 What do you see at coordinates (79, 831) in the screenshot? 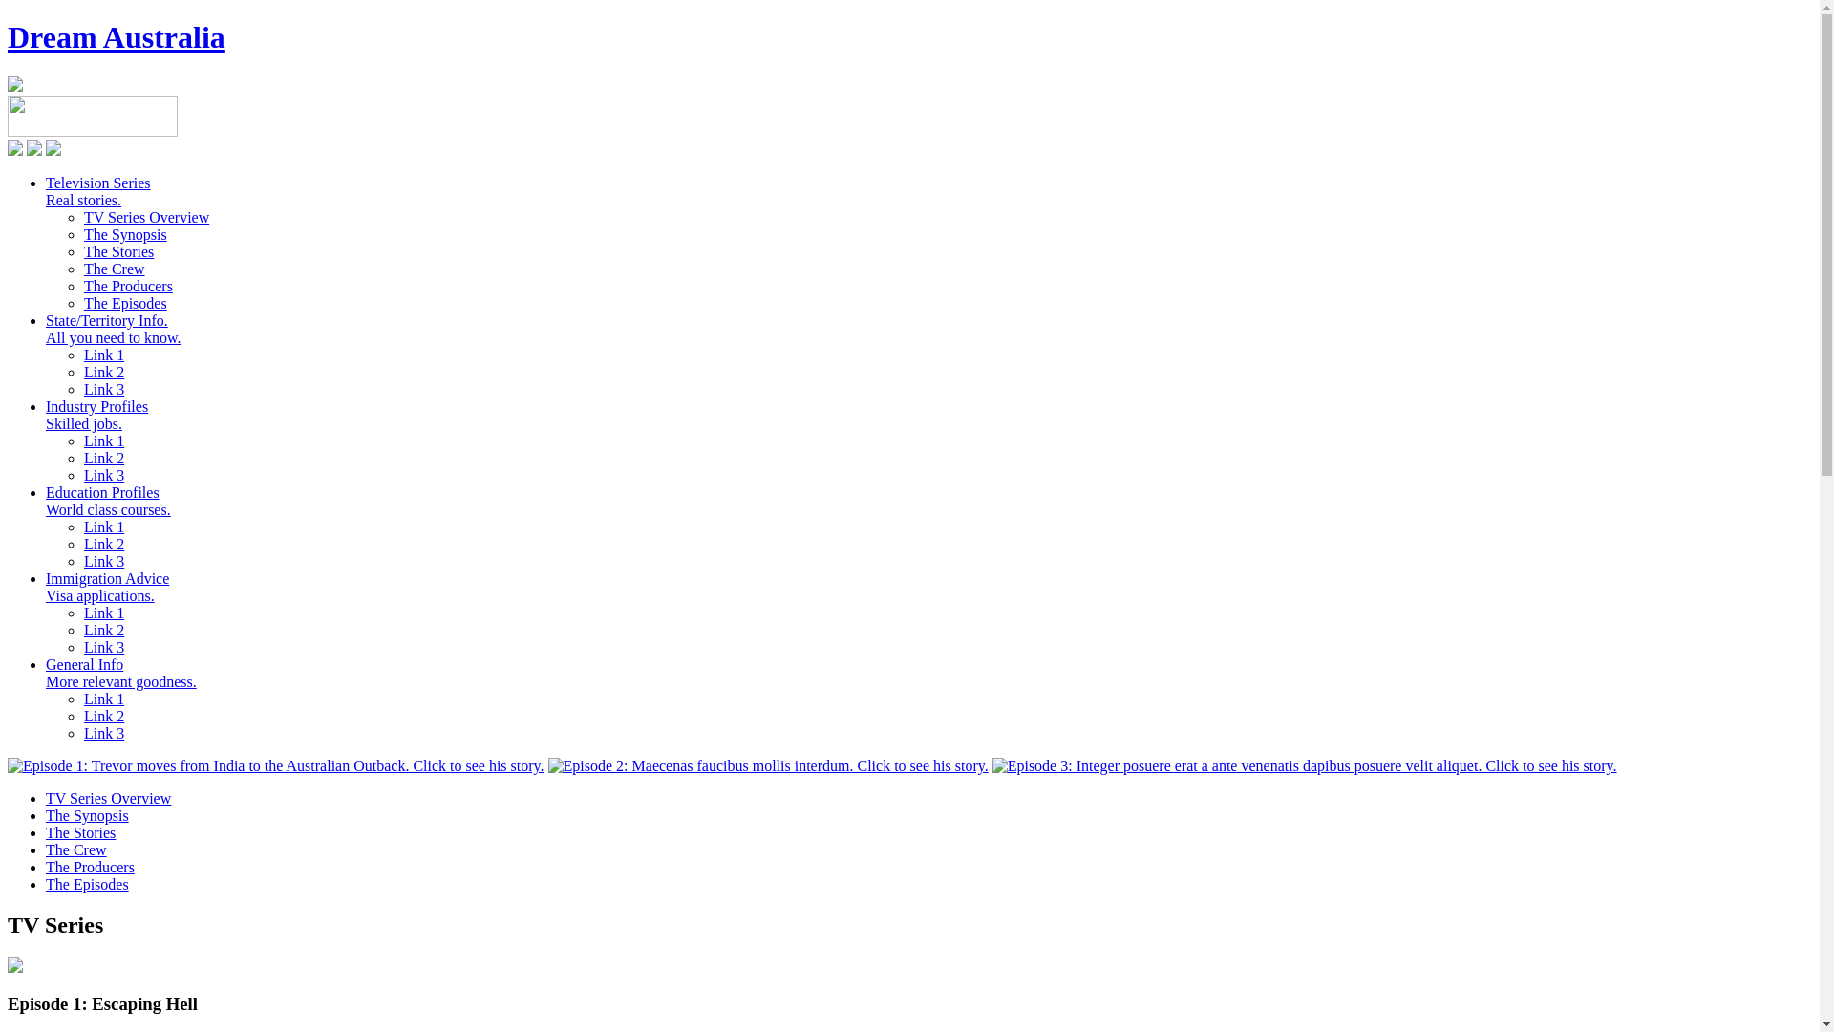
I see `'The Stories'` at bounding box center [79, 831].